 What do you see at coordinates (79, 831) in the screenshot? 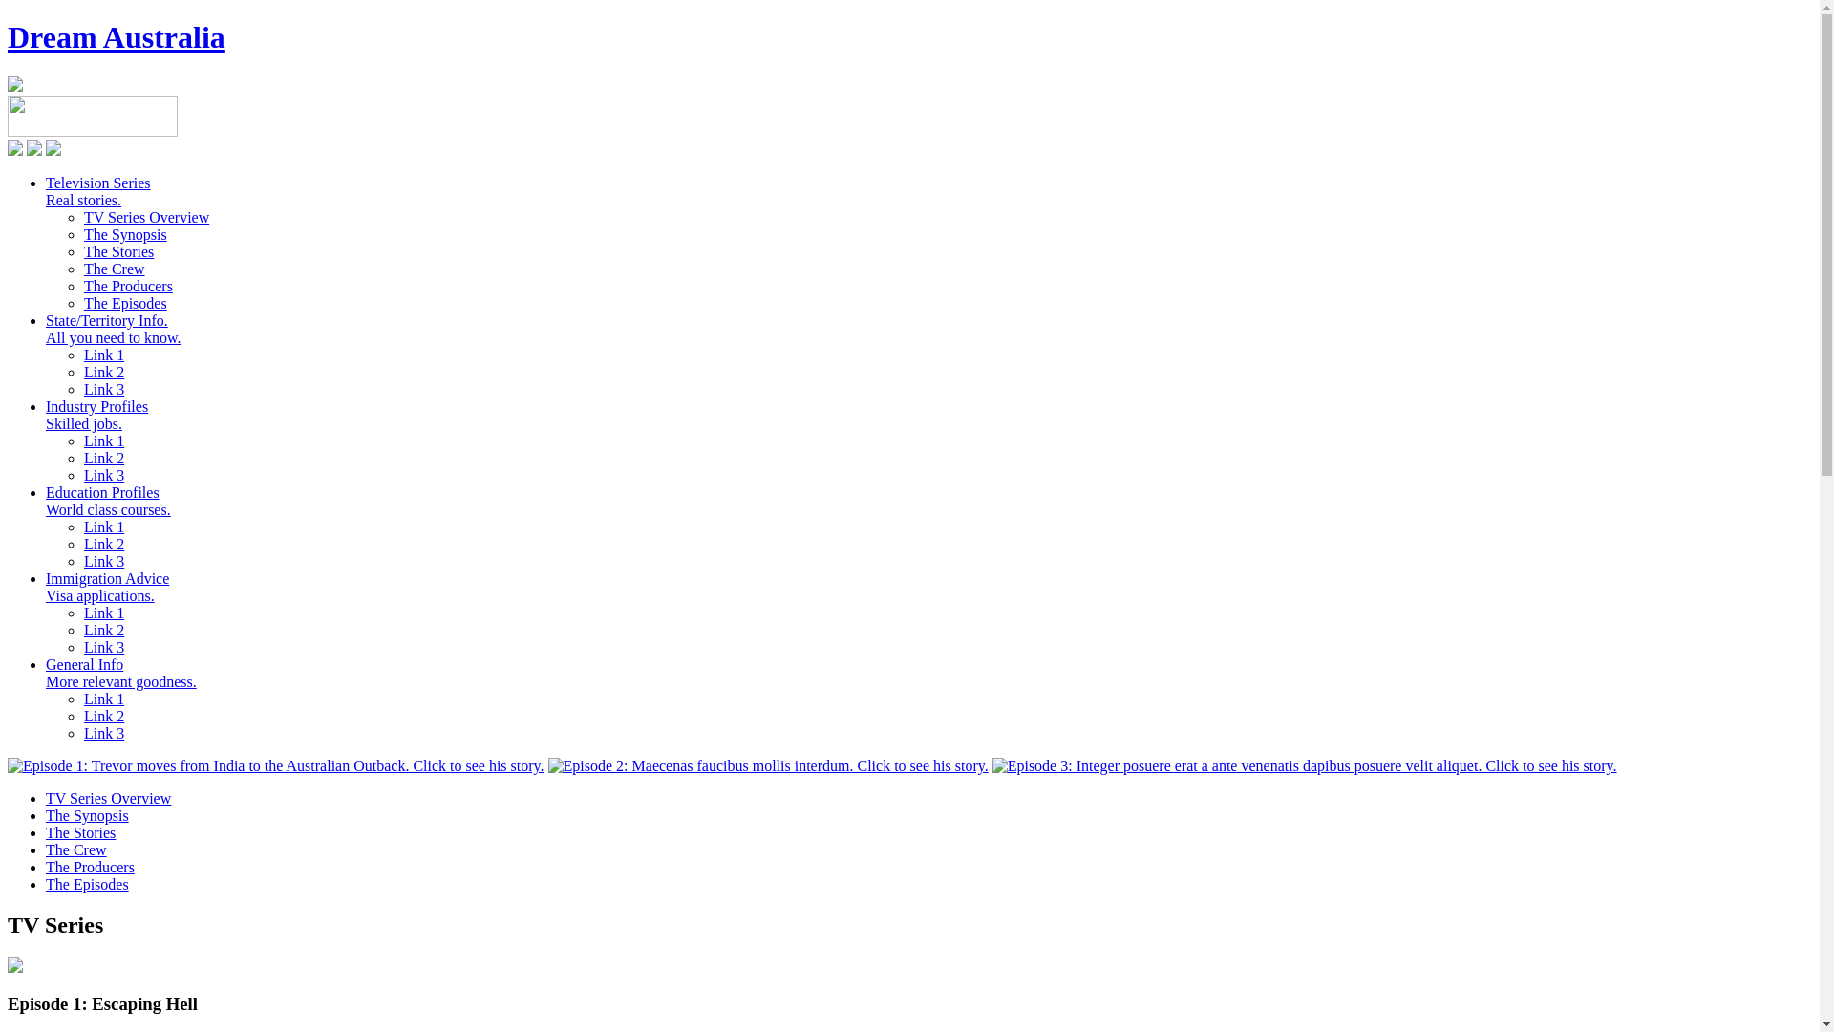
I see `'The Stories'` at bounding box center [79, 831].